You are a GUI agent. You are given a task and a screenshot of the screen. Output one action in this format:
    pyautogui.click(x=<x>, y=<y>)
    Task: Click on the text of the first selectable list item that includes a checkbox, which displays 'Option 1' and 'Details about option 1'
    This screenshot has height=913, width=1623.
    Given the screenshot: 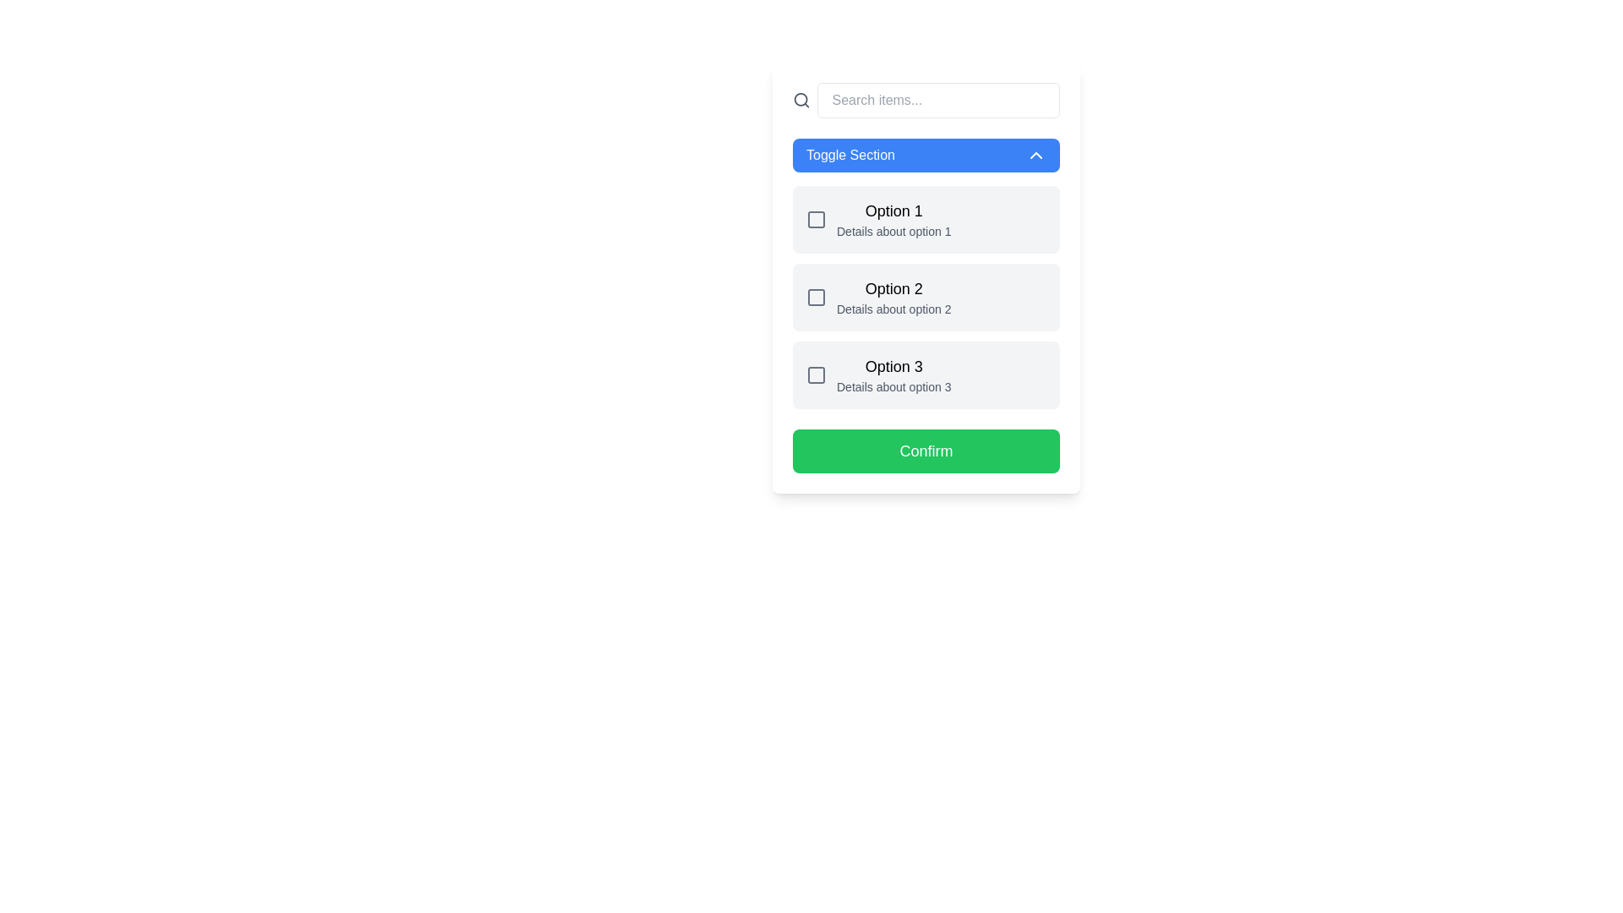 What is the action you would take?
    pyautogui.click(x=878, y=218)
    